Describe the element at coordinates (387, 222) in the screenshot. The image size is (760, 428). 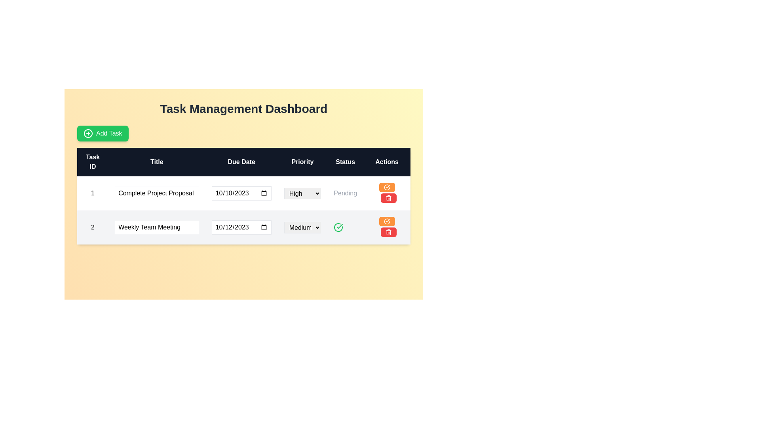
I see `the leftmost icon in the 'Actions' column for the second task row in the table` at that location.